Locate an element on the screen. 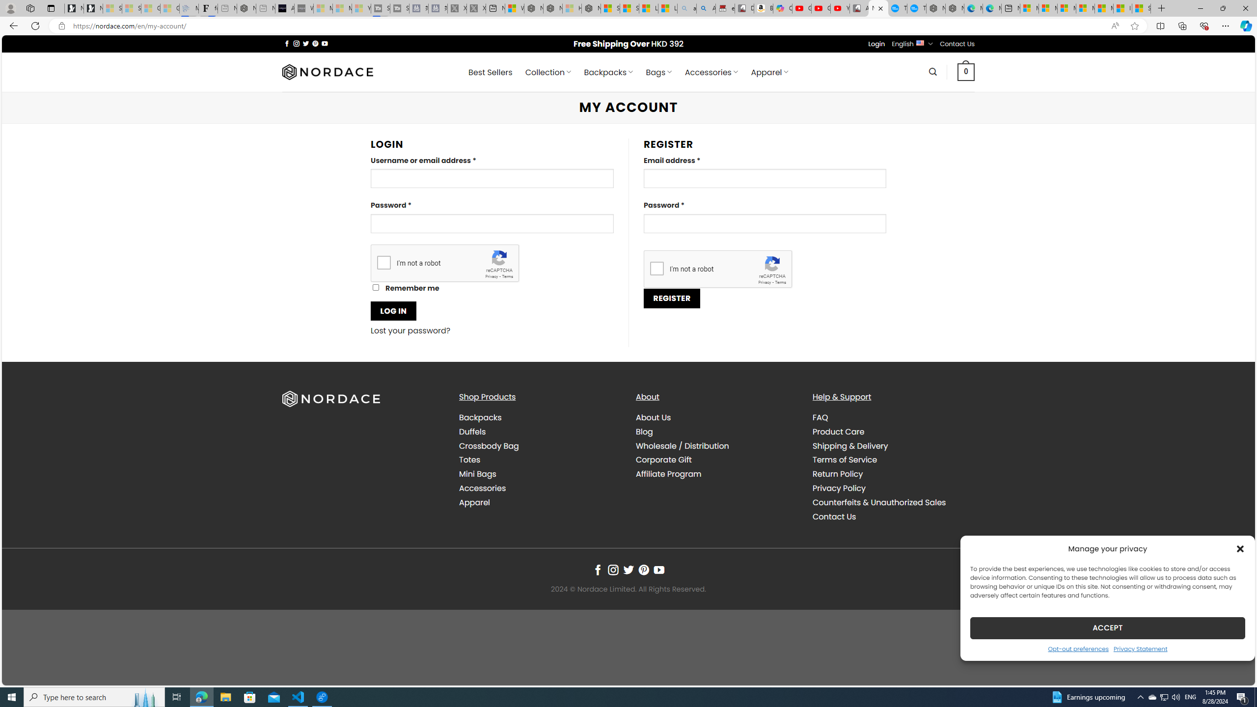  'Counterfeits & Unauthorized Sales' is located at coordinates (893, 502).